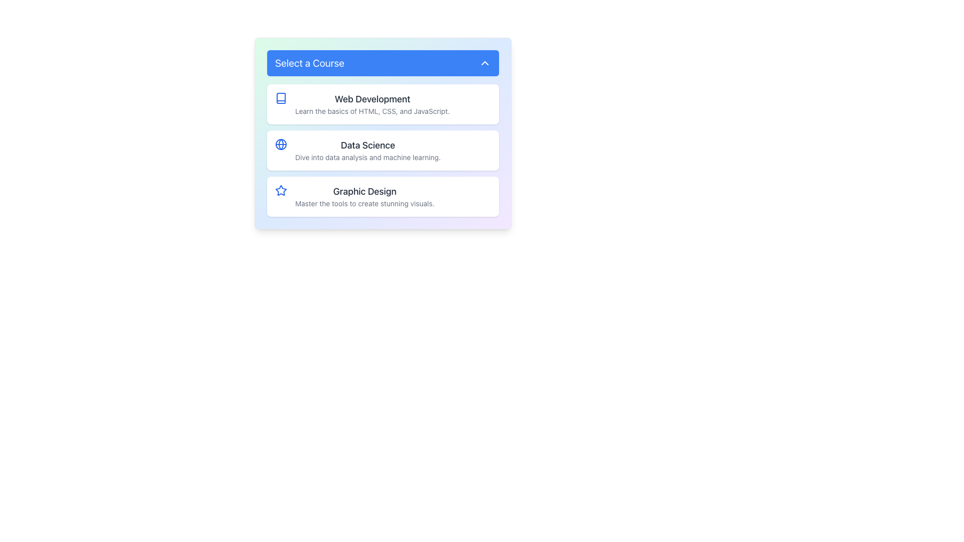  What do you see at coordinates (281, 190) in the screenshot?
I see `the blue outlined star icon located next to the 'Graphic Design' text in the bottommost item of the course list` at bounding box center [281, 190].